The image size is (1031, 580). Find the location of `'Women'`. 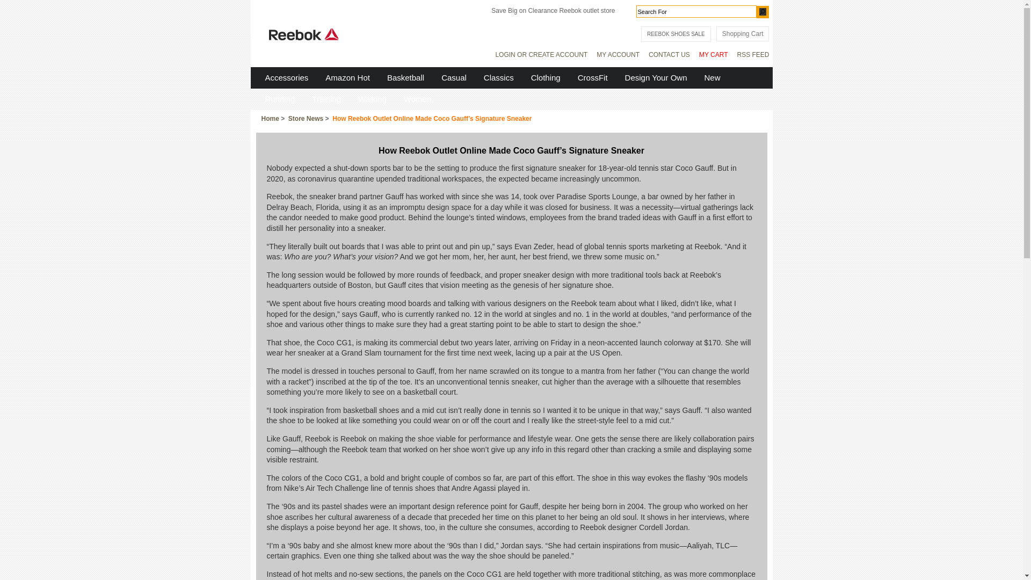

'Women' is located at coordinates (417, 99).